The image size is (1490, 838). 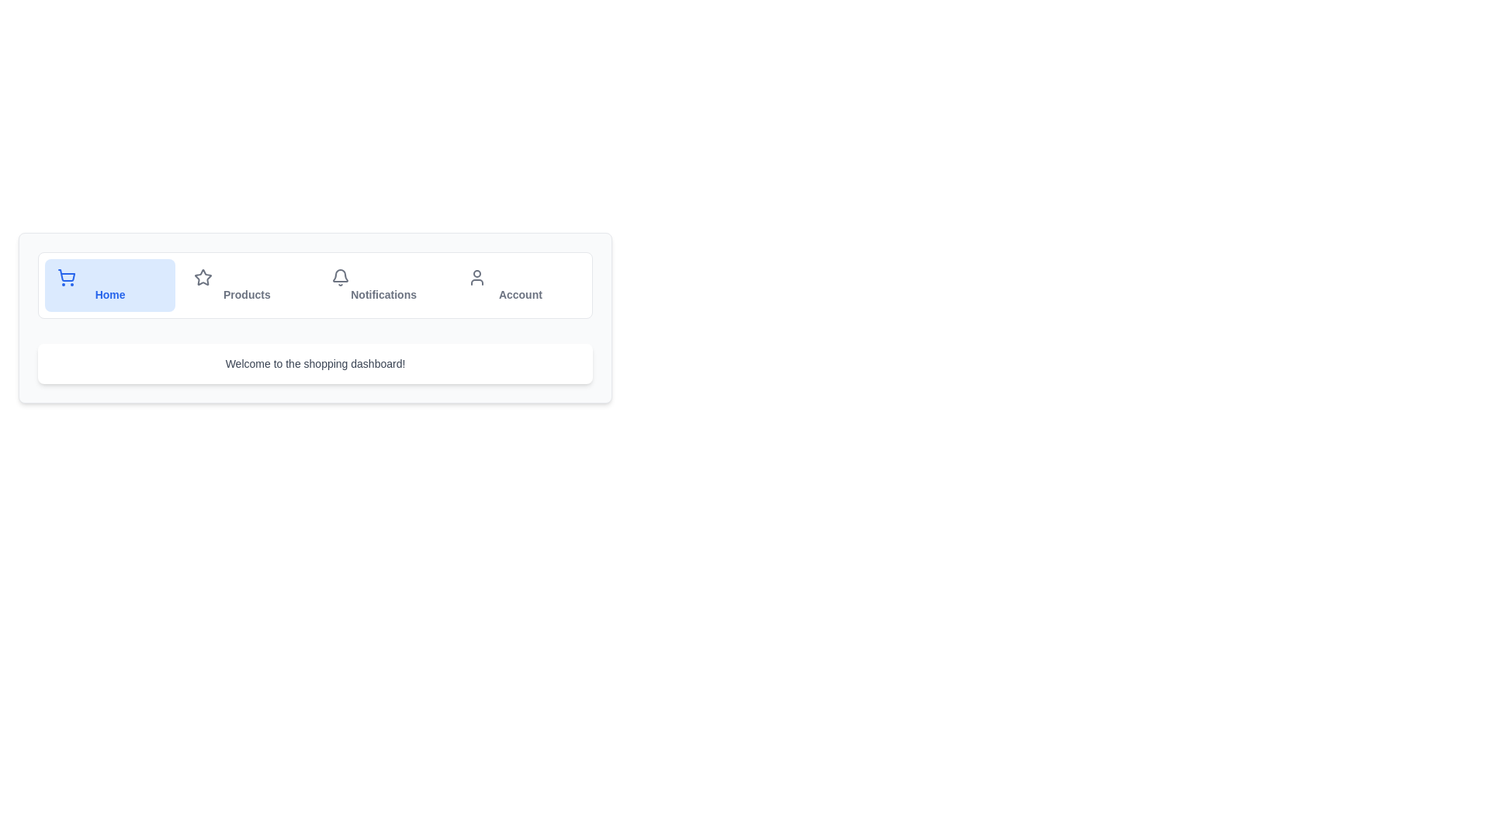 What do you see at coordinates (246, 295) in the screenshot?
I see `text of the descriptive label that identifies the clickable navigational item for the 'Products' page, located to the right of a star icon` at bounding box center [246, 295].